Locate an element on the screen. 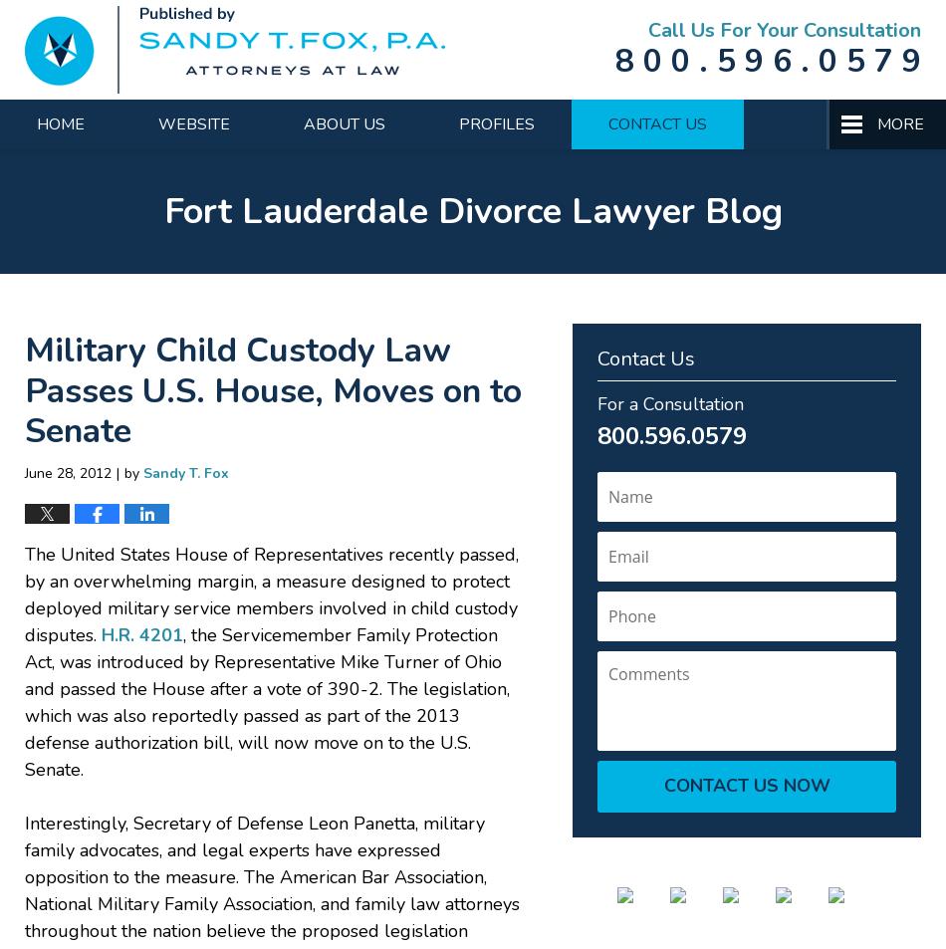  'For a Consultation' is located at coordinates (670, 402).